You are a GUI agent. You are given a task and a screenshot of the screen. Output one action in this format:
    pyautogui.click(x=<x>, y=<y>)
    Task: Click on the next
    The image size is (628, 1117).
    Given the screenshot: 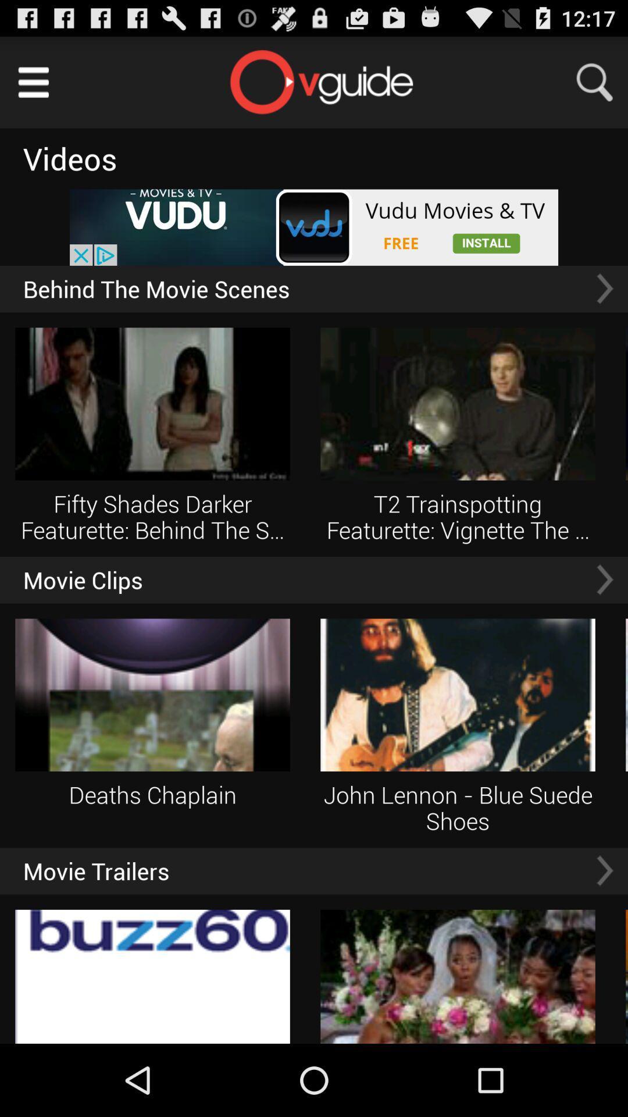 What is the action you would take?
    pyautogui.click(x=604, y=579)
    